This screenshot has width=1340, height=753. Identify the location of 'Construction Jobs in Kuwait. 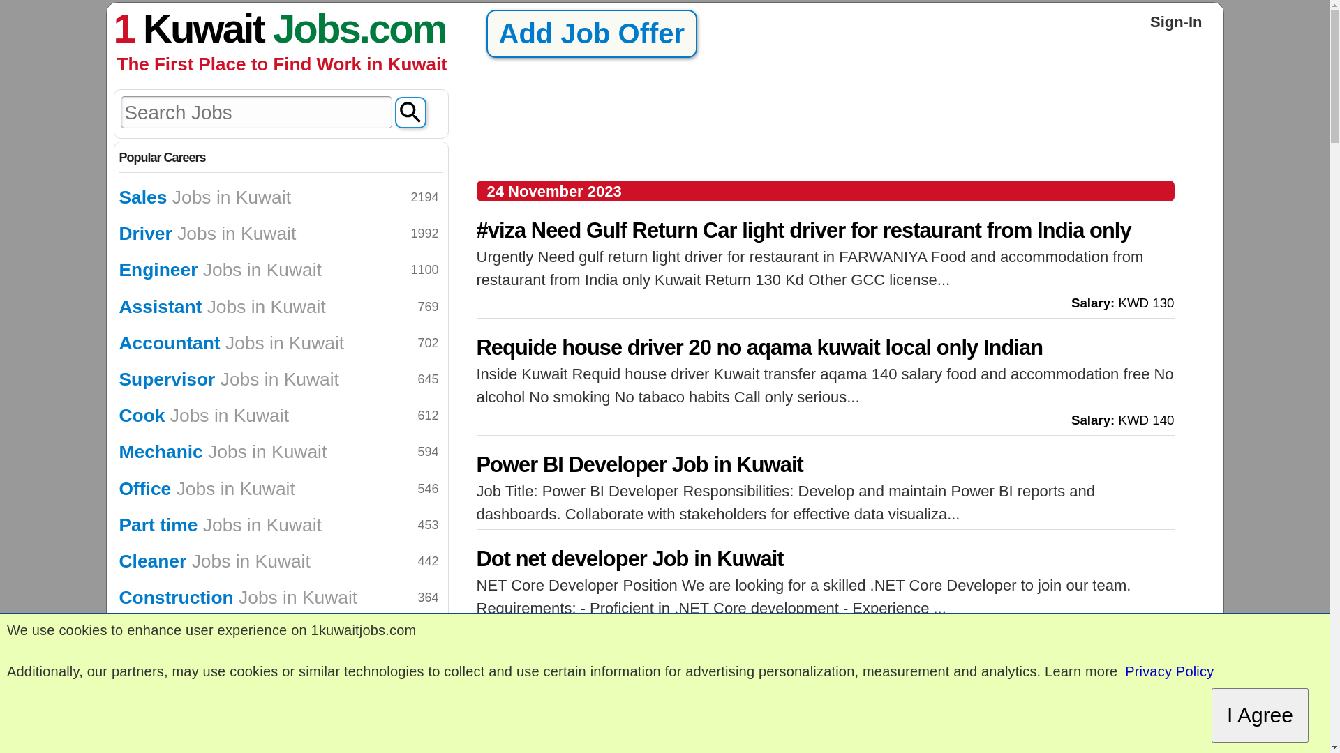
(280, 596).